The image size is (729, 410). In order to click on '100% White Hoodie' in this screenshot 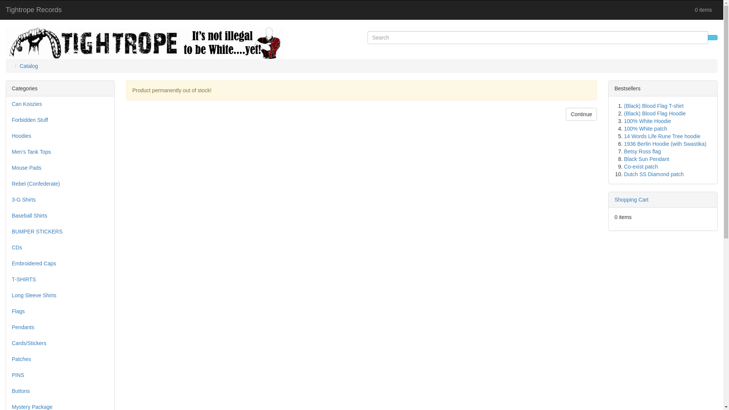, I will do `click(647, 121)`.